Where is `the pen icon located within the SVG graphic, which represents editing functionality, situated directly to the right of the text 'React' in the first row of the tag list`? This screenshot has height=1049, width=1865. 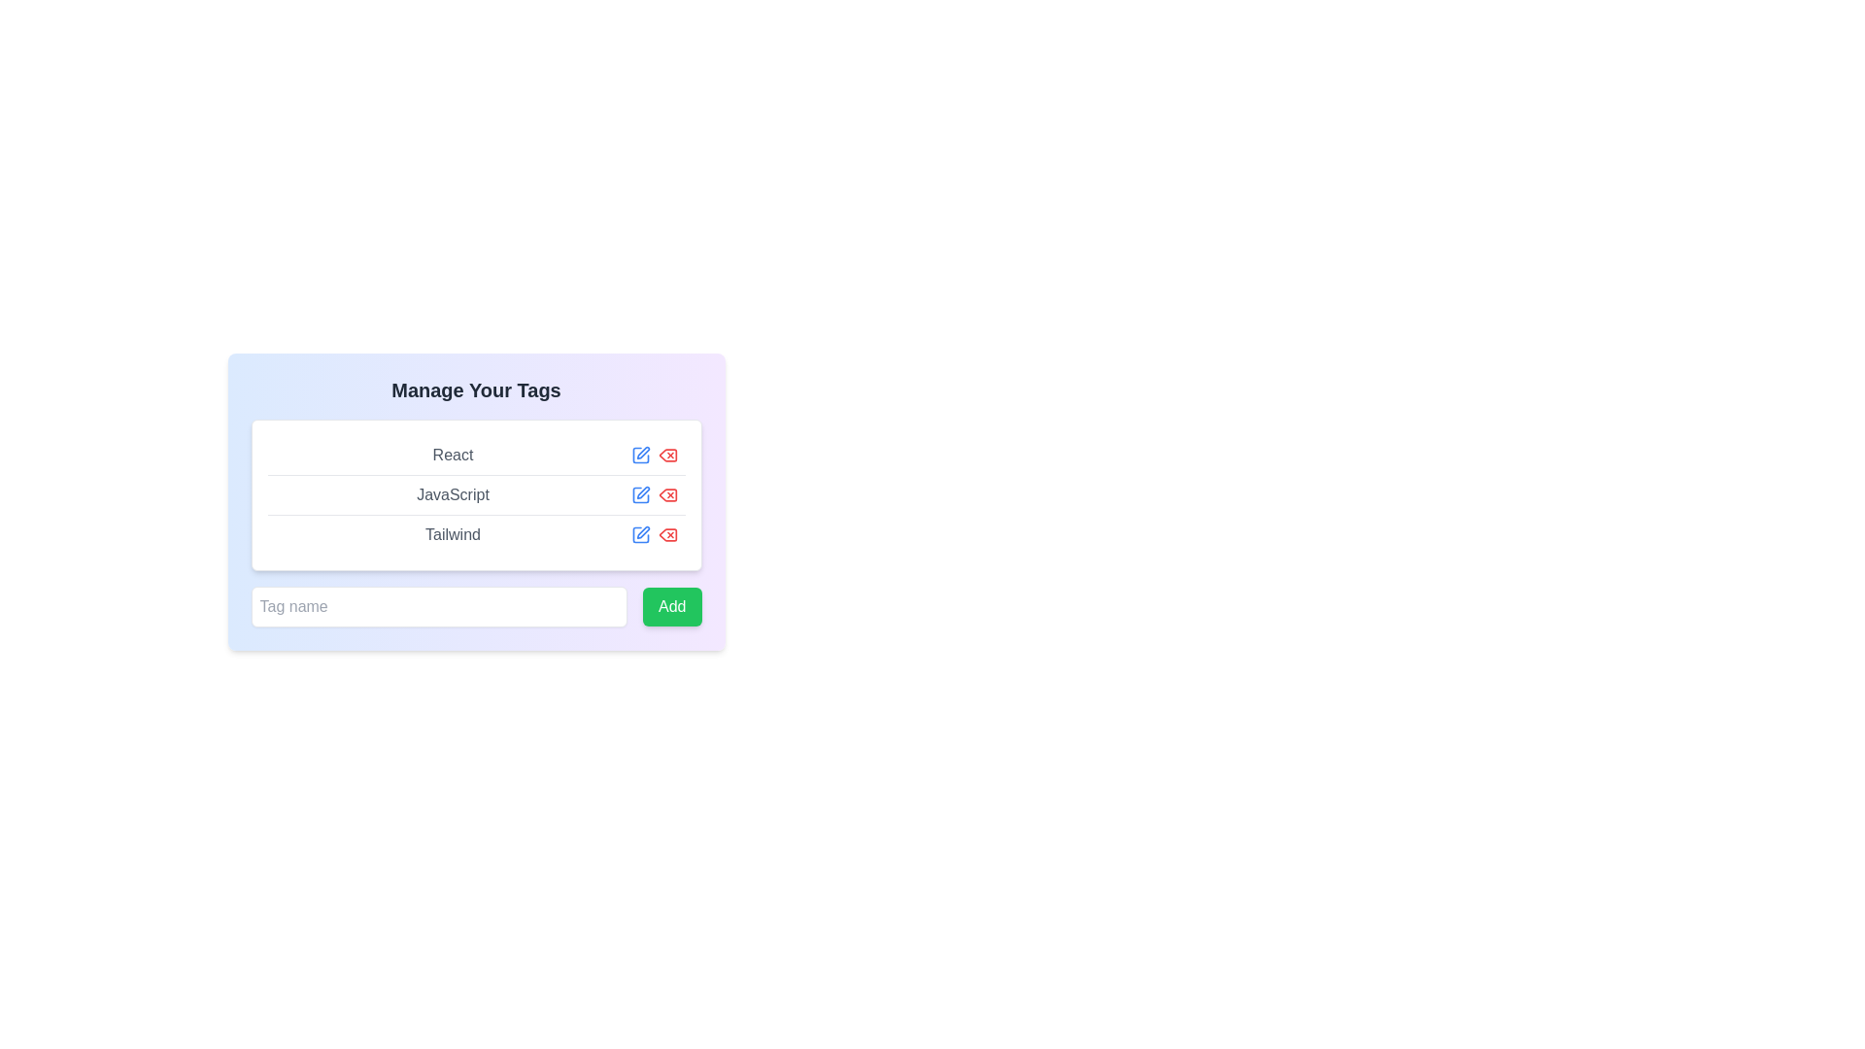 the pen icon located within the SVG graphic, which represents editing functionality, situated directly to the right of the text 'React' in the first row of the tag list is located at coordinates (643, 453).